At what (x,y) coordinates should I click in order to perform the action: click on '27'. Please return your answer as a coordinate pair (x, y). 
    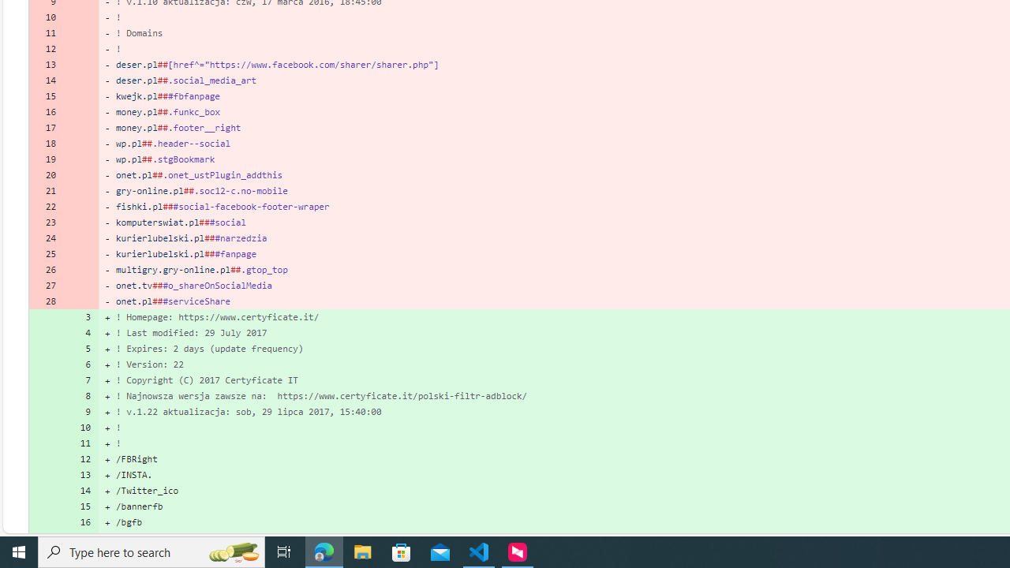
    Looking at the image, I should click on (46, 286).